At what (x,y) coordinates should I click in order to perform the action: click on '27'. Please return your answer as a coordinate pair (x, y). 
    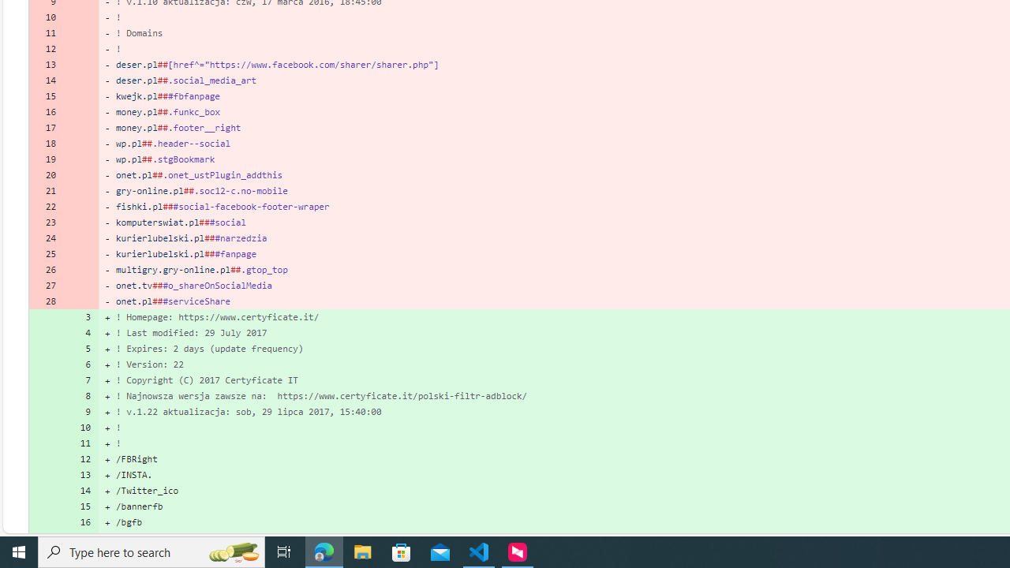
    Looking at the image, I should click on (46, 286).